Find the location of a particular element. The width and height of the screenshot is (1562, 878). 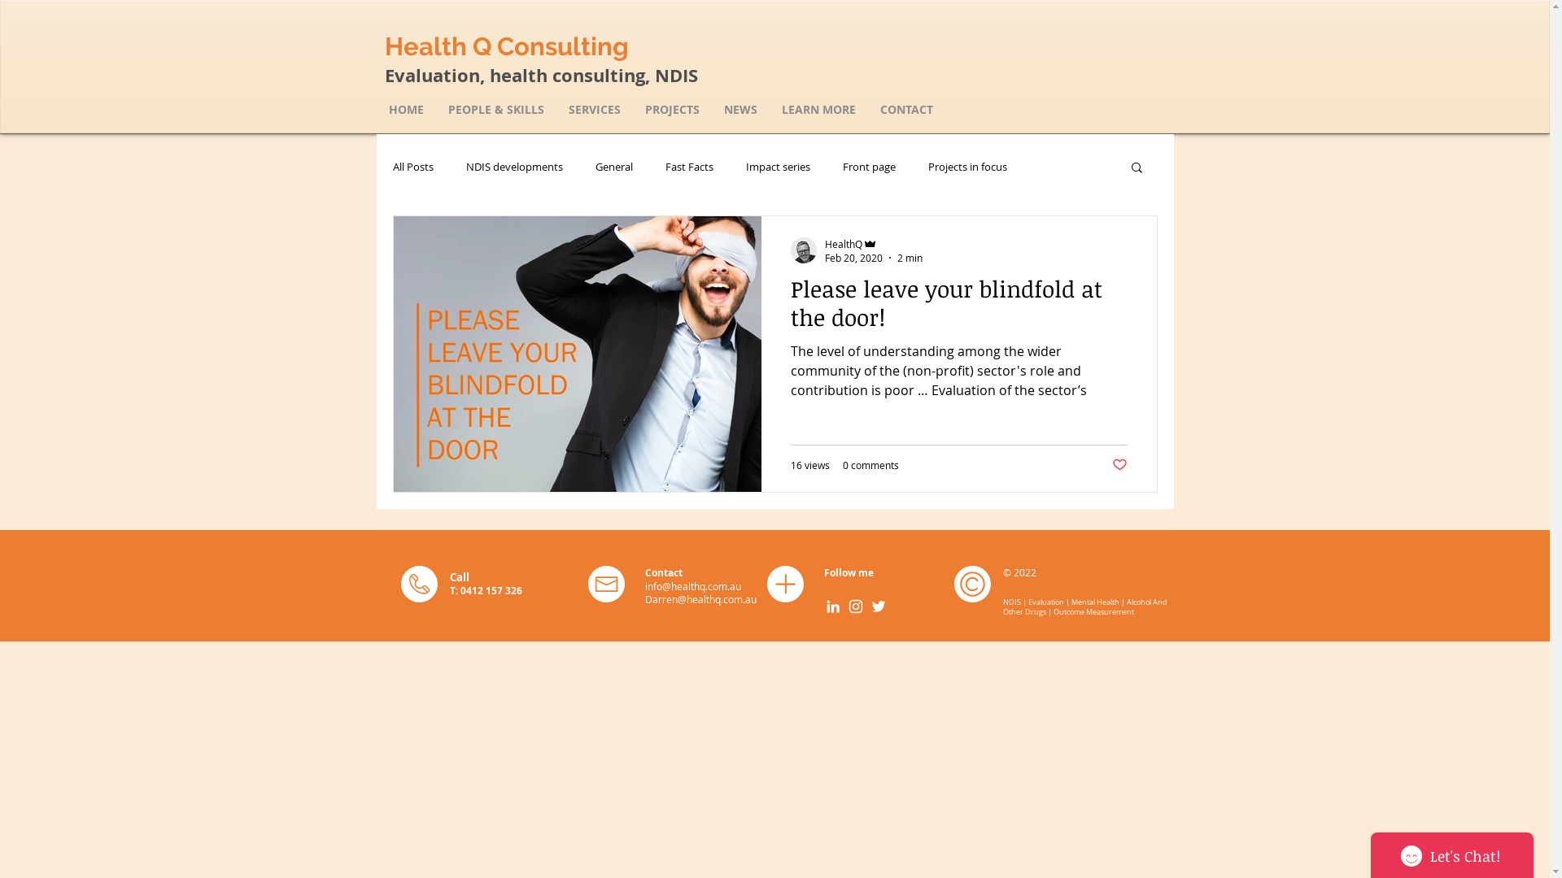

'SERVICES' is located at coordinates (593, 109).